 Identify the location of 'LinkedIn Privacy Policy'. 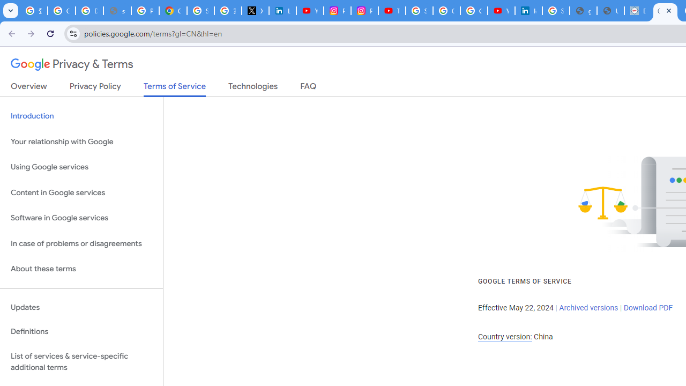
(282, 11).